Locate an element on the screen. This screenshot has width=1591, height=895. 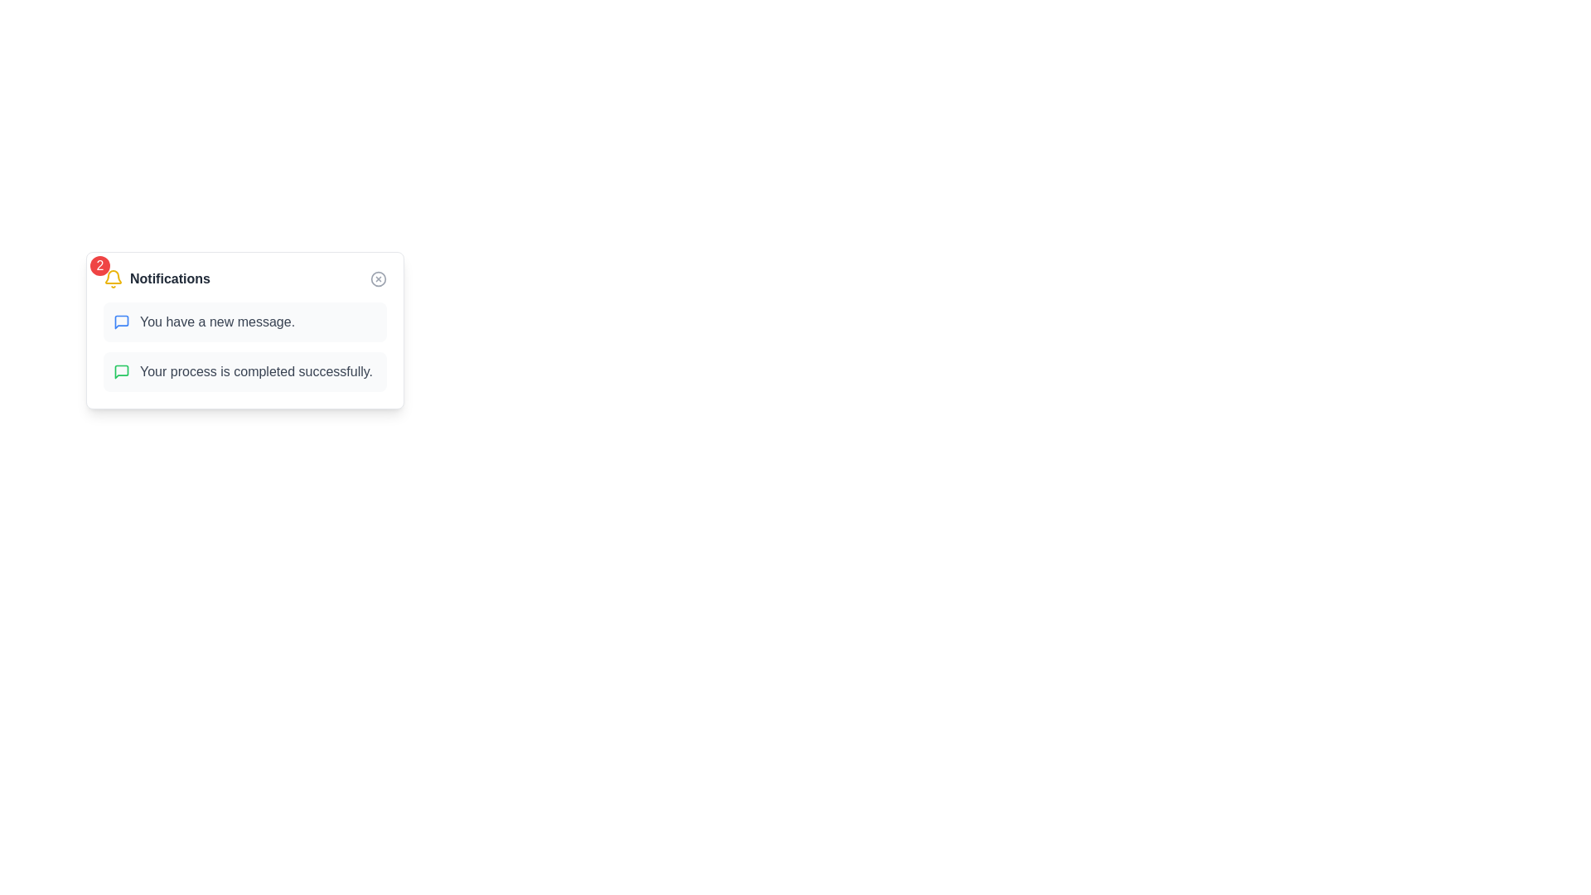
main text 'Your process is completed successfully.' which is displayed in gray font on the second notification card from the top in the notification panel is located at coordinates (255, 370).